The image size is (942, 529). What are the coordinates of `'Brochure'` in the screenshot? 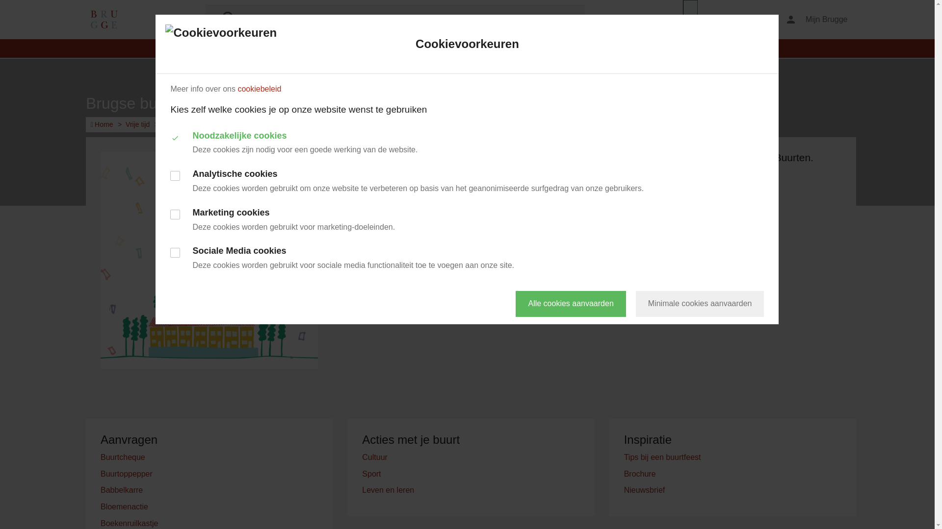 It's located at (640, 473).